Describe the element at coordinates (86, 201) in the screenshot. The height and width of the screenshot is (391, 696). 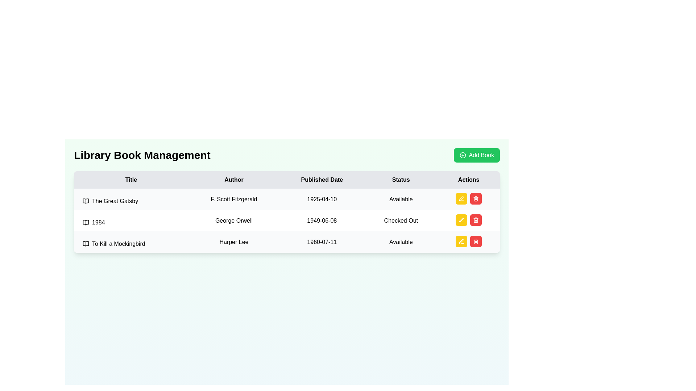
I see `the book icon representing 'The Great Gatsby' in the library management table, located in the first row under the 'Title' column` at that location.